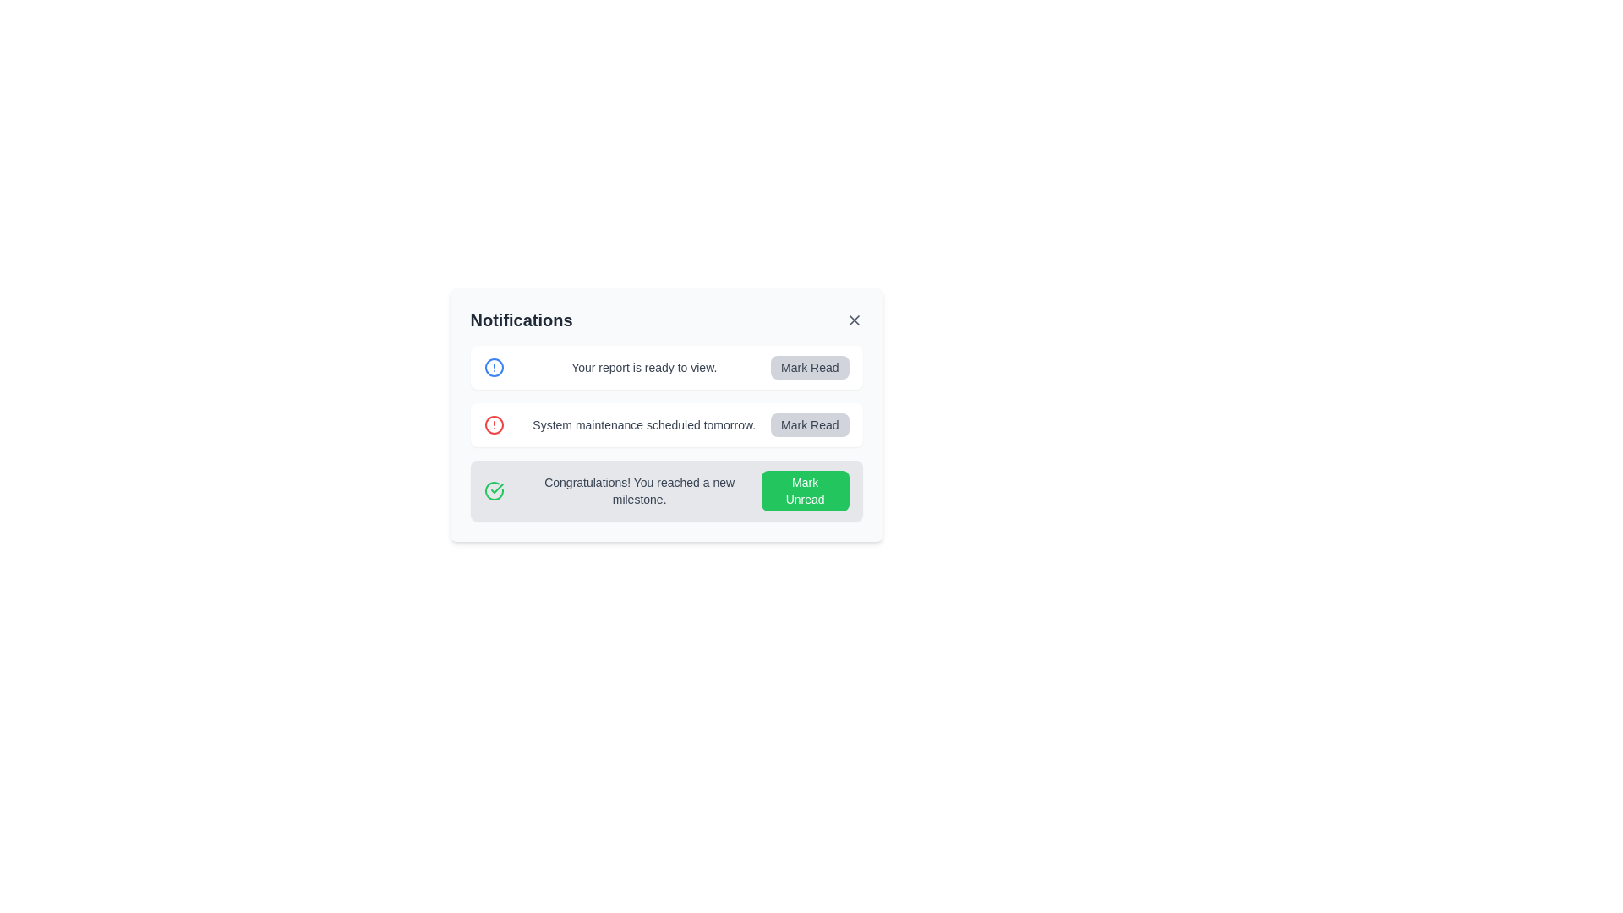 Image resolution: width=1623 pixels, height=913 pixels. I want to click on the green 'Mark Unread' button with rounded corners located to the right of the notification text 'Congratulations! You reached a new milestone.' to mark the notification as unread, so click(804, 491).